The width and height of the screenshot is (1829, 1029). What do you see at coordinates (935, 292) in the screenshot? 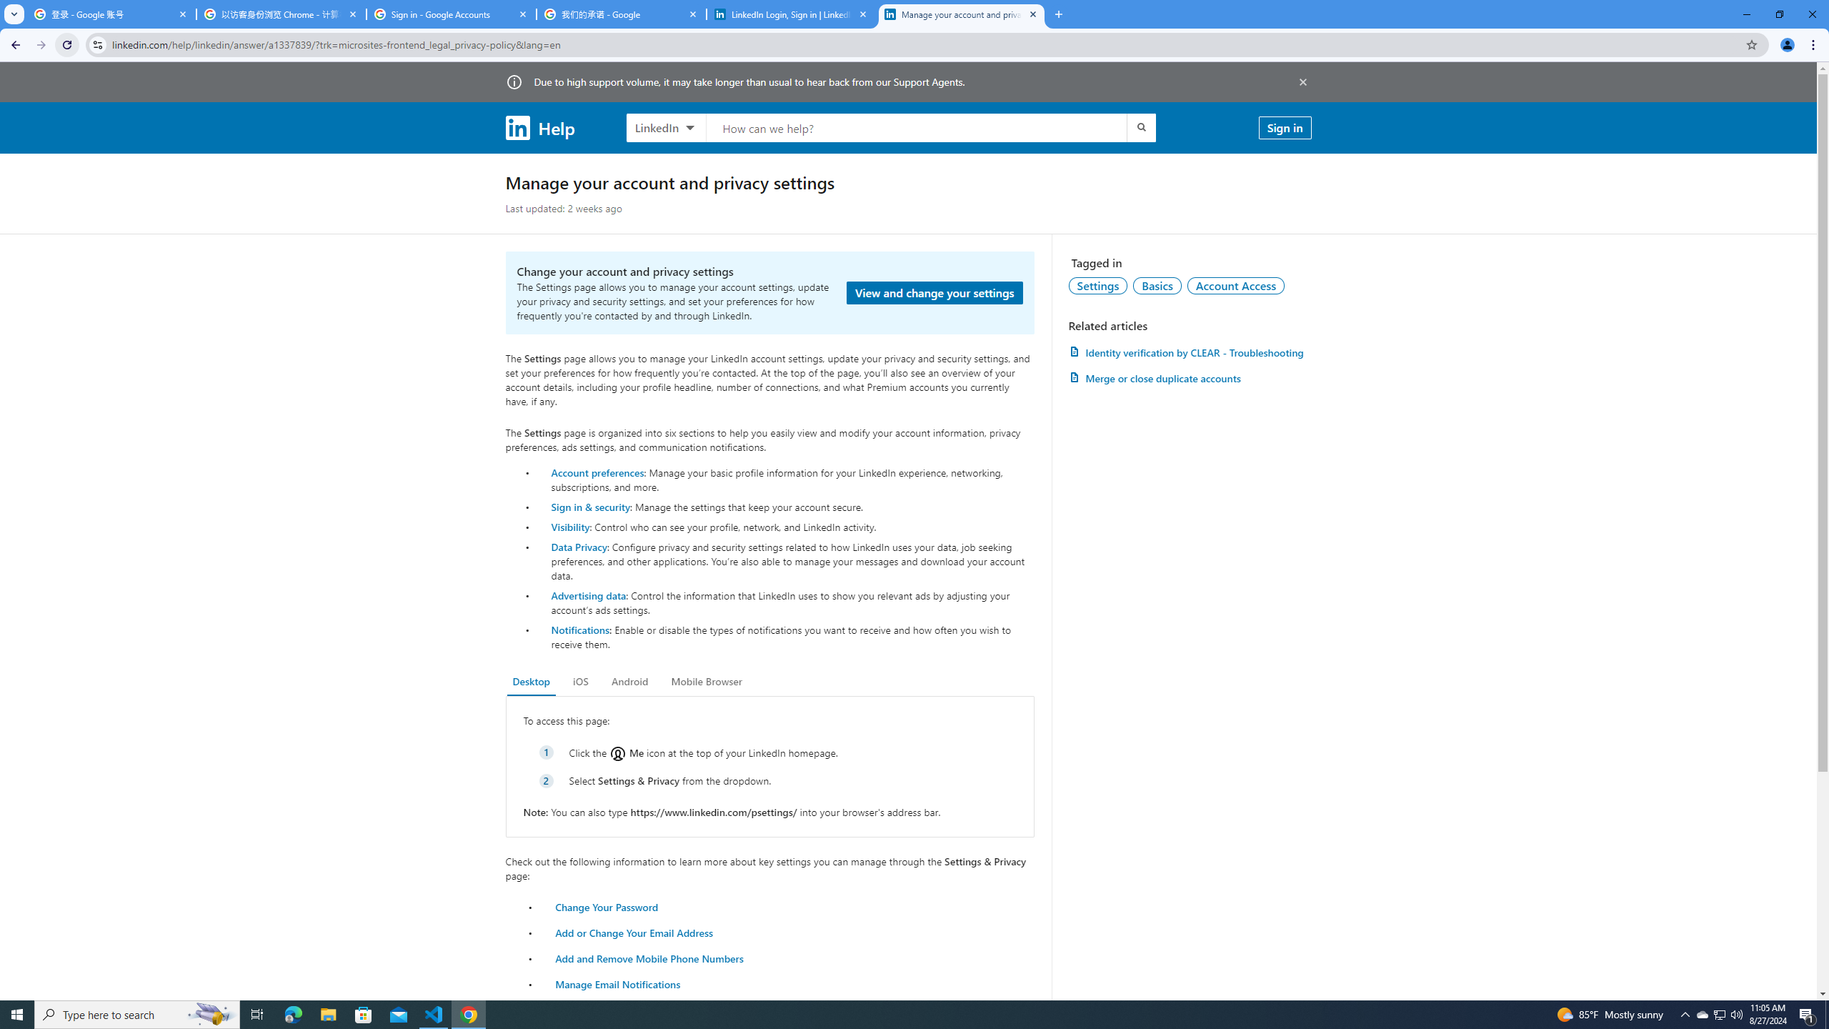
I see `'View and change your settings'` at bounding box center [935, 292].